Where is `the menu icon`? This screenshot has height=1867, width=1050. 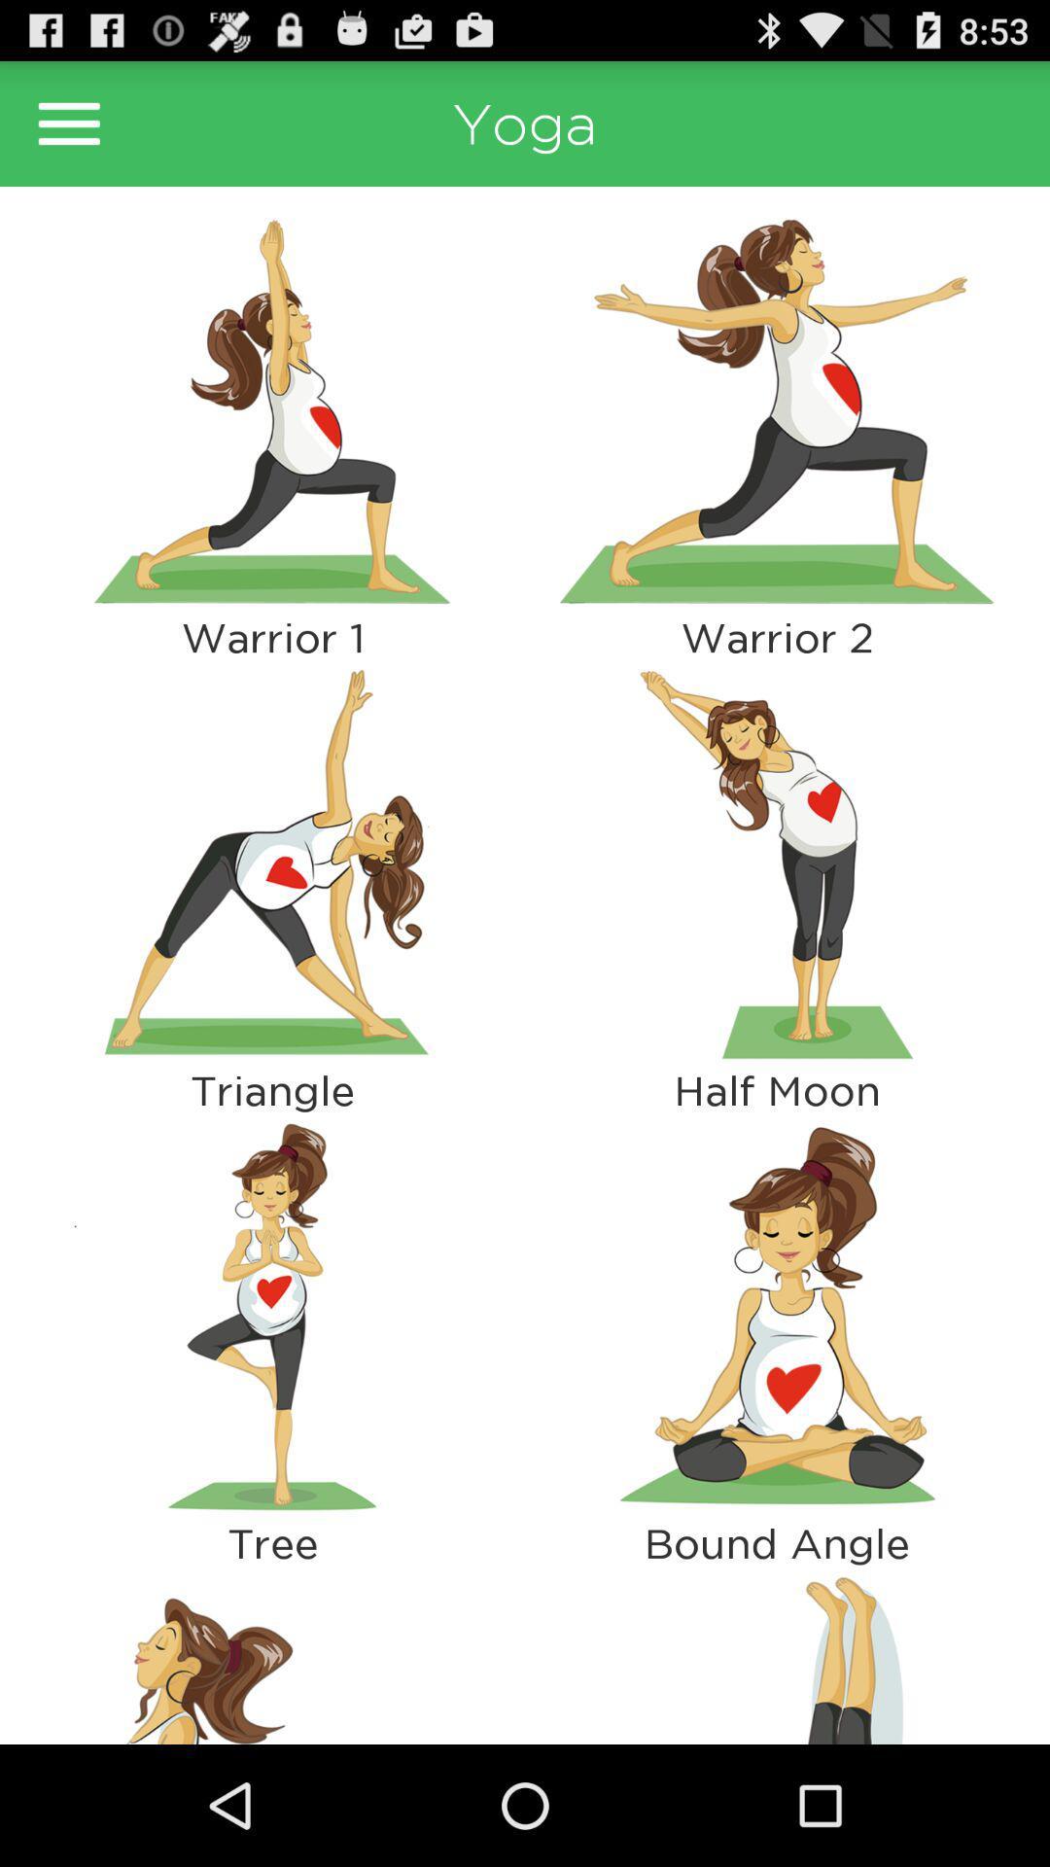
the menu icon is located at coordinates (68, 131).